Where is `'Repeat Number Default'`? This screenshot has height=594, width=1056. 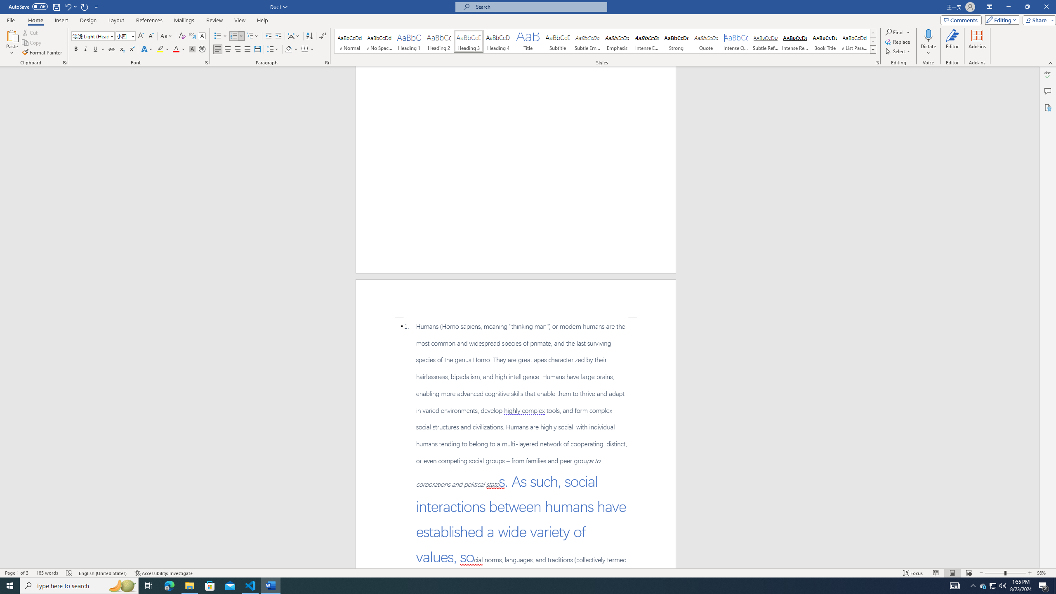 'Repeat Number Default' is located at coordinates (85, 6).